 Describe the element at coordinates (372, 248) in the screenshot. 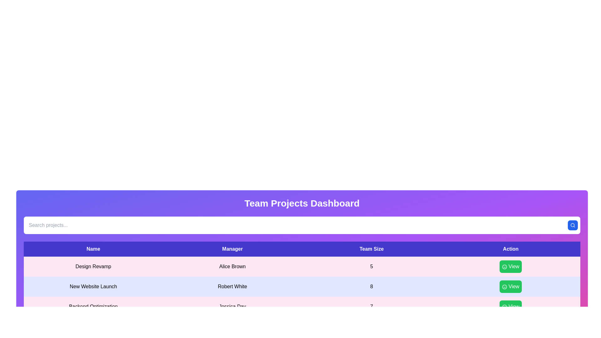

I see `the 'Team Size' text label, which is the third header in the navigation bar, displaying white text on a blue background` at that location.